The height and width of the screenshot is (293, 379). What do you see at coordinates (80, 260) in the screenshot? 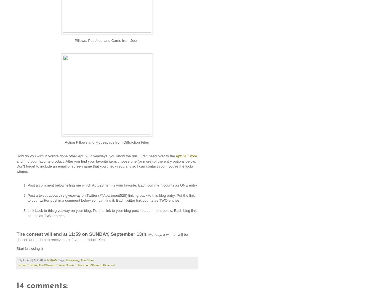
I see `'The Store'` at bounding box center [80, 260].